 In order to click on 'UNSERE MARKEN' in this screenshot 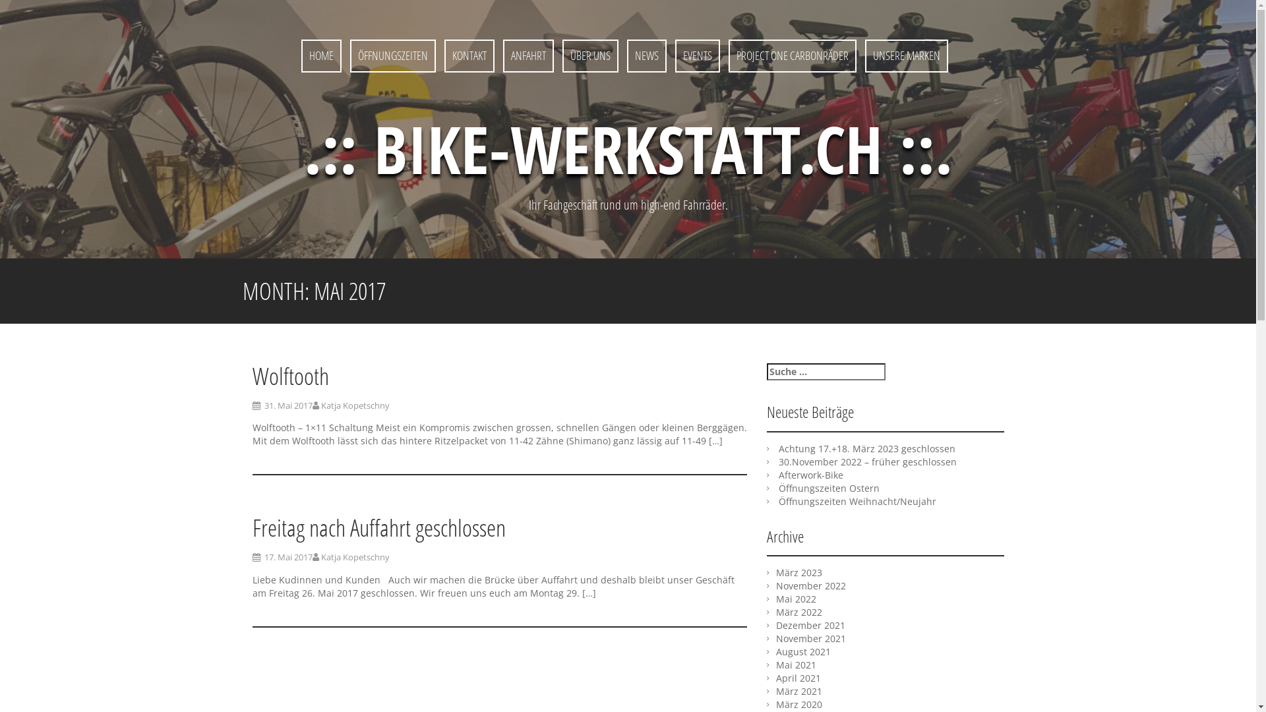, I will do `click(905, 55)`.